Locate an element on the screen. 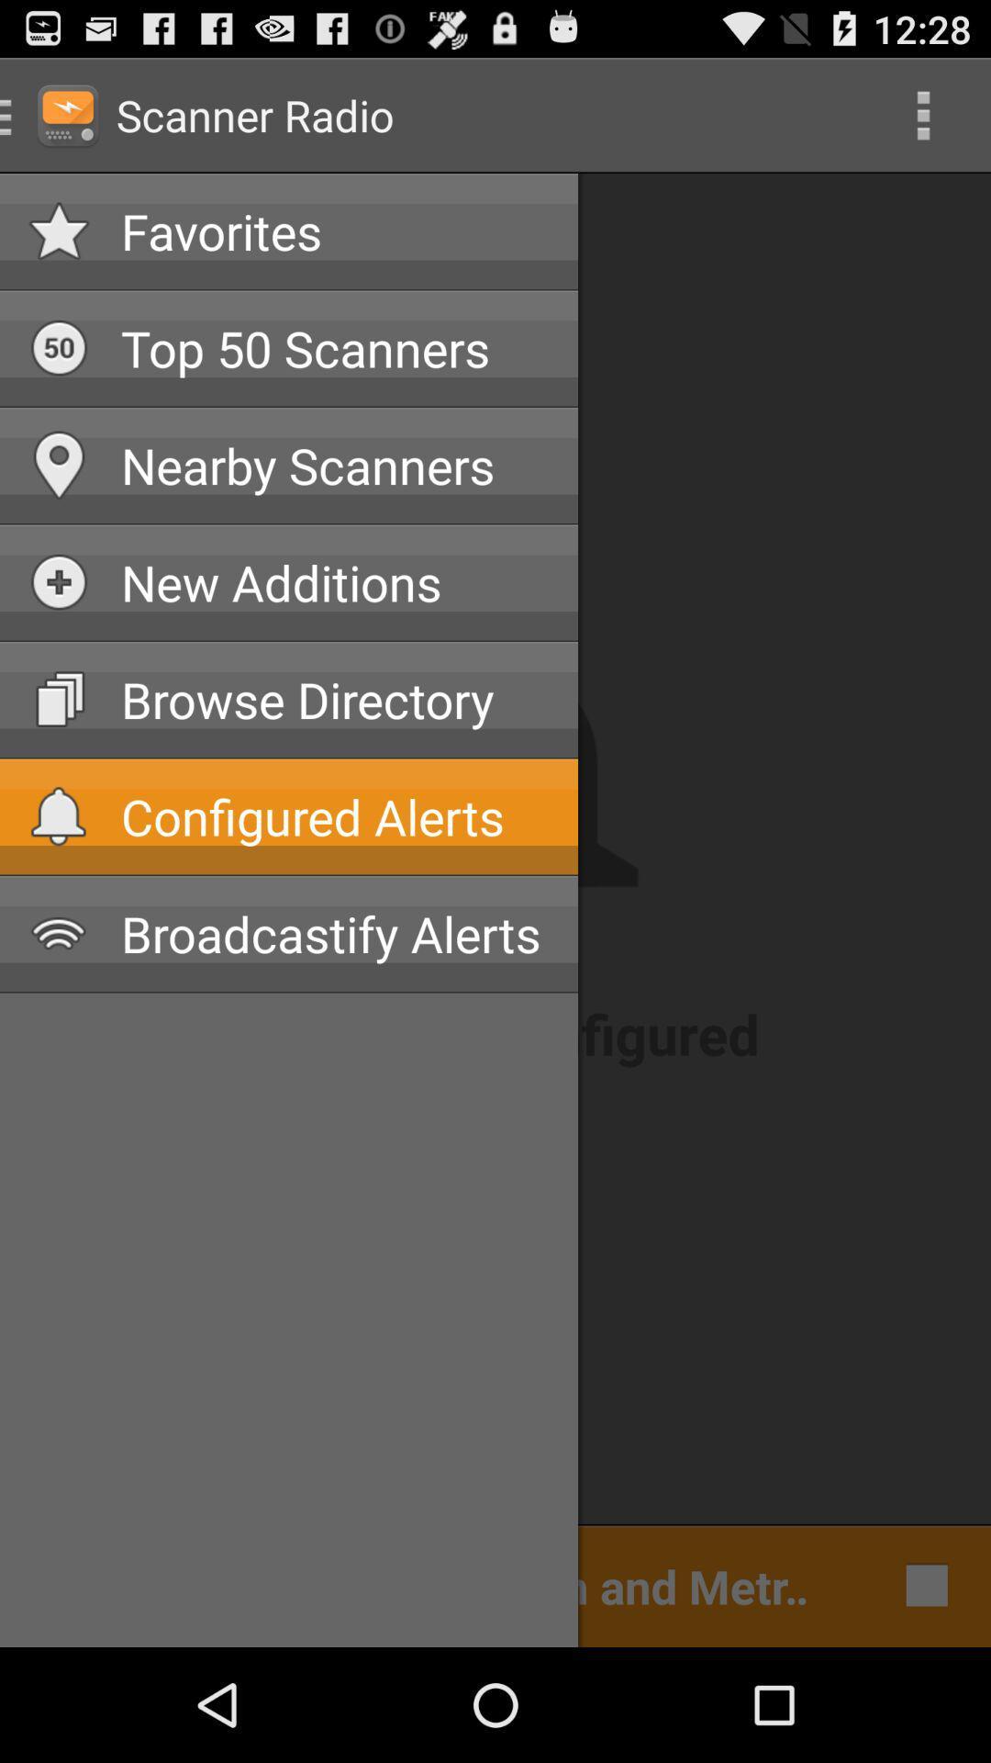 The image size is (991, 1763). the button at the bottom is located at coordinates (427, 1584).